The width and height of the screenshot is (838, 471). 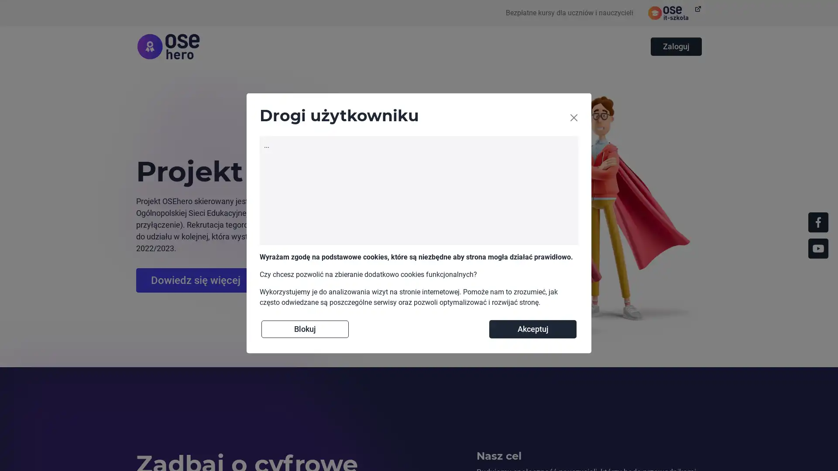 I want to click on Zaloguj, so click(x=676, y=47).